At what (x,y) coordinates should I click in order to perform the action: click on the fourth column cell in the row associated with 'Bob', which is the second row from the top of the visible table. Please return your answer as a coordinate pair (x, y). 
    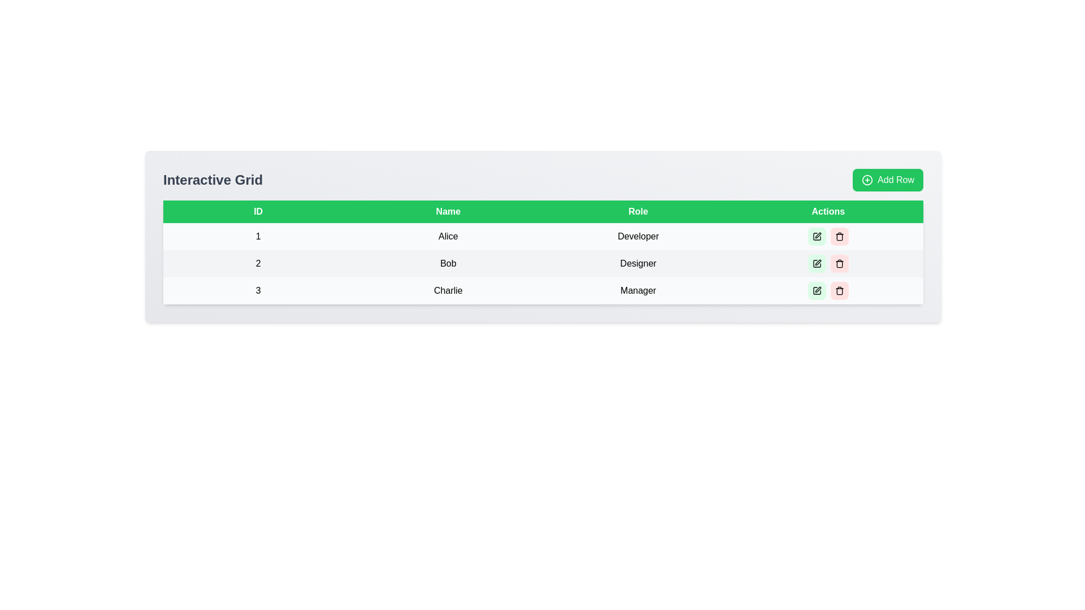
    Looking at the image, I should click on (828, 263).